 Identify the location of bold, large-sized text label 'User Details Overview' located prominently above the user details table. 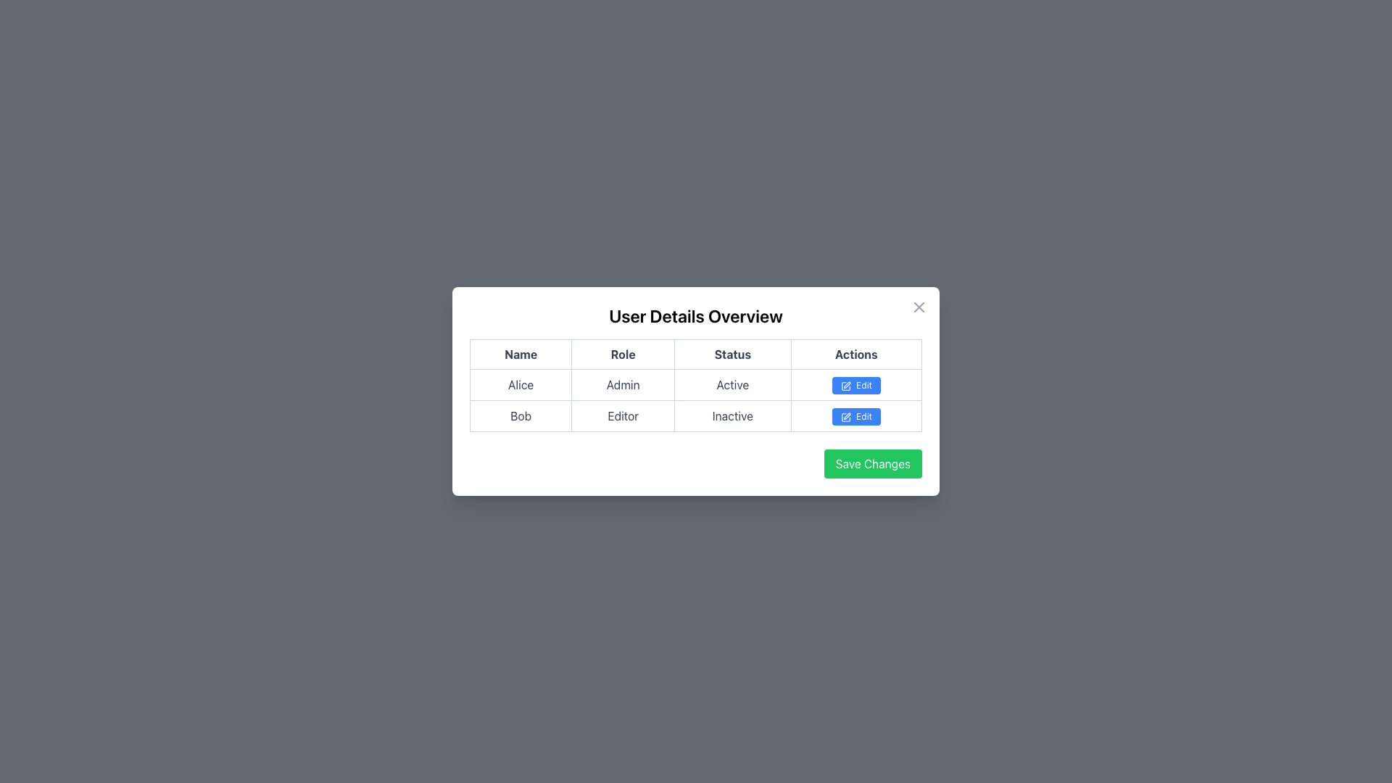
(696, 315).